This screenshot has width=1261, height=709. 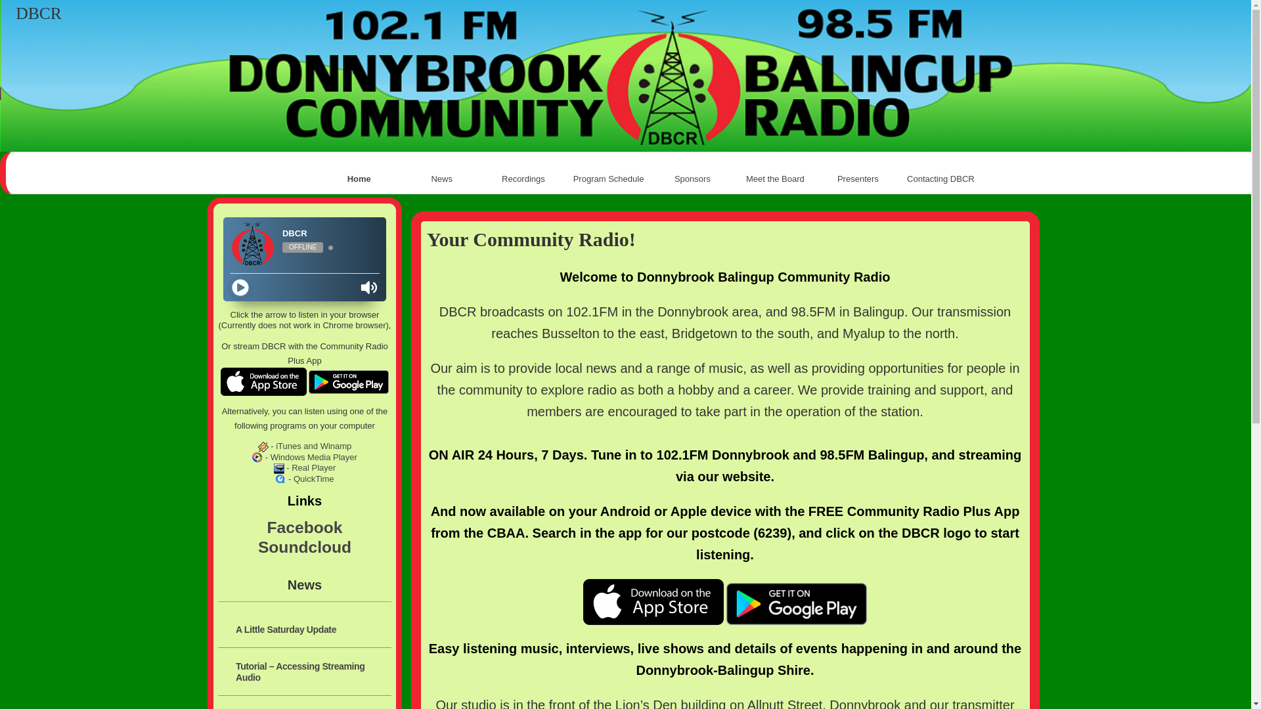 I want to click on 'Winamp, iTunes', so click(x=263, y=446).